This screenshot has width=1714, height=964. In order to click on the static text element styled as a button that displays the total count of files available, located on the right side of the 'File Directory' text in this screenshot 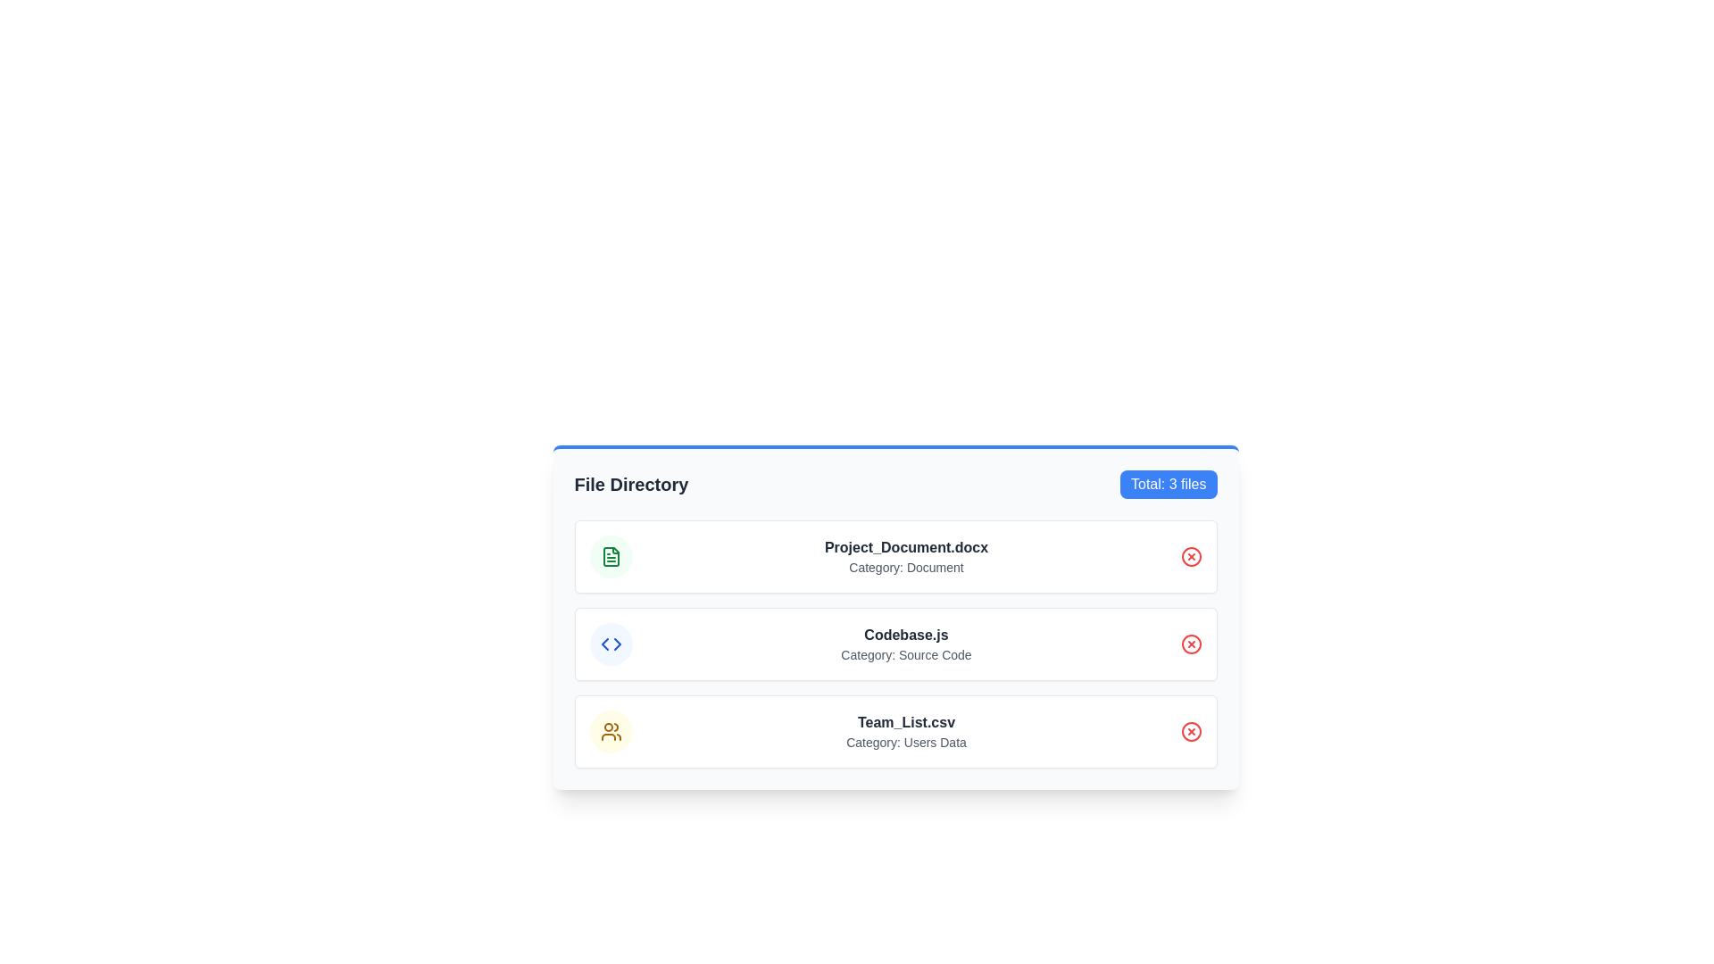, I will do `click(1169, 485)`.